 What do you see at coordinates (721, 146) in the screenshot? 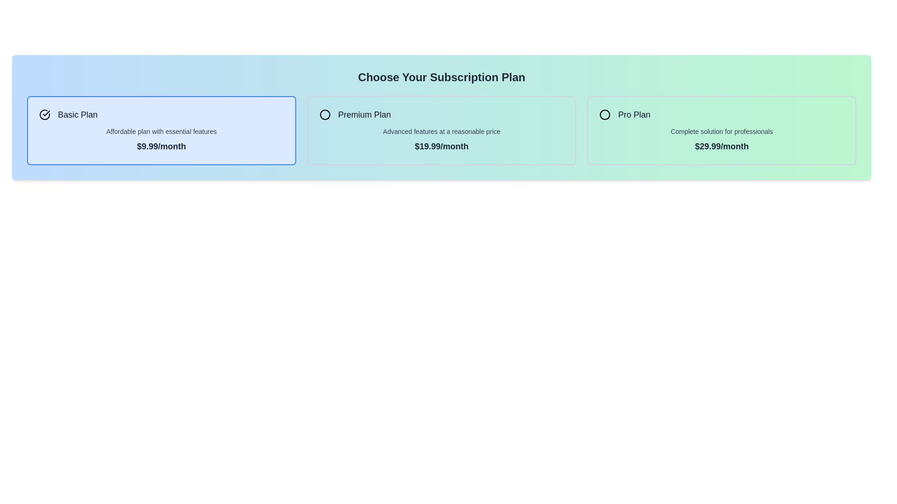
I see `text content of the '$29.99/month' label, which is displayed in bold and dark gray within the Pro Plan pricing card` at bounding box center [721, 146].